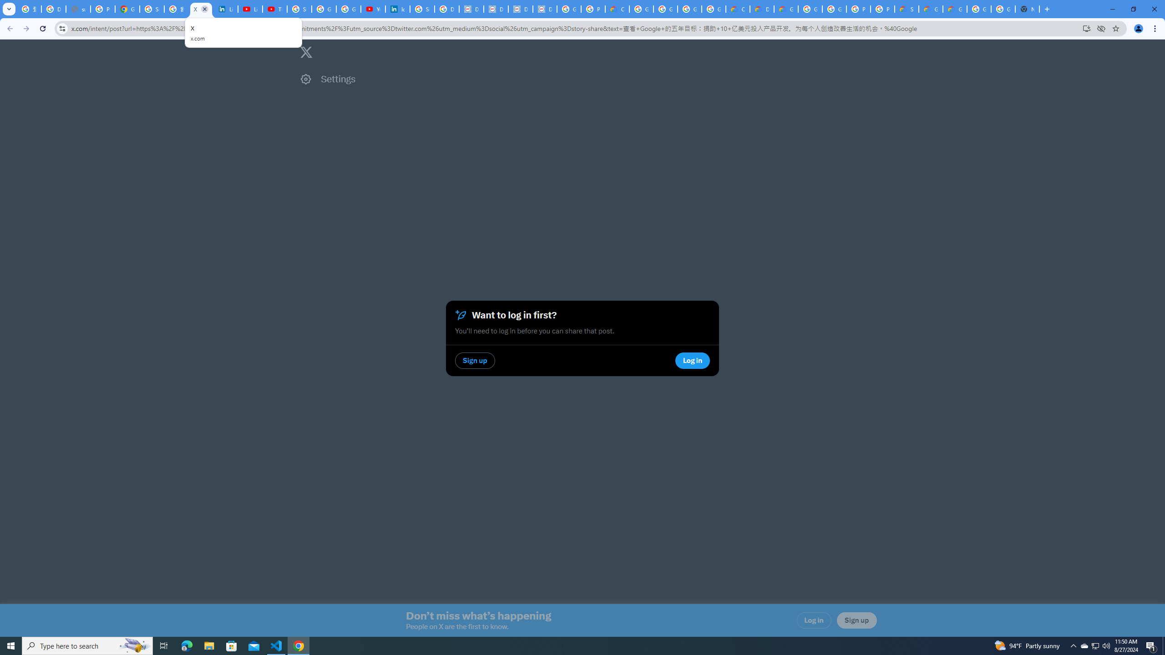  Describe the element at coordinates (738, 9) in the screenshot. I see `'Customer Care | Google Cloud'` at that location.